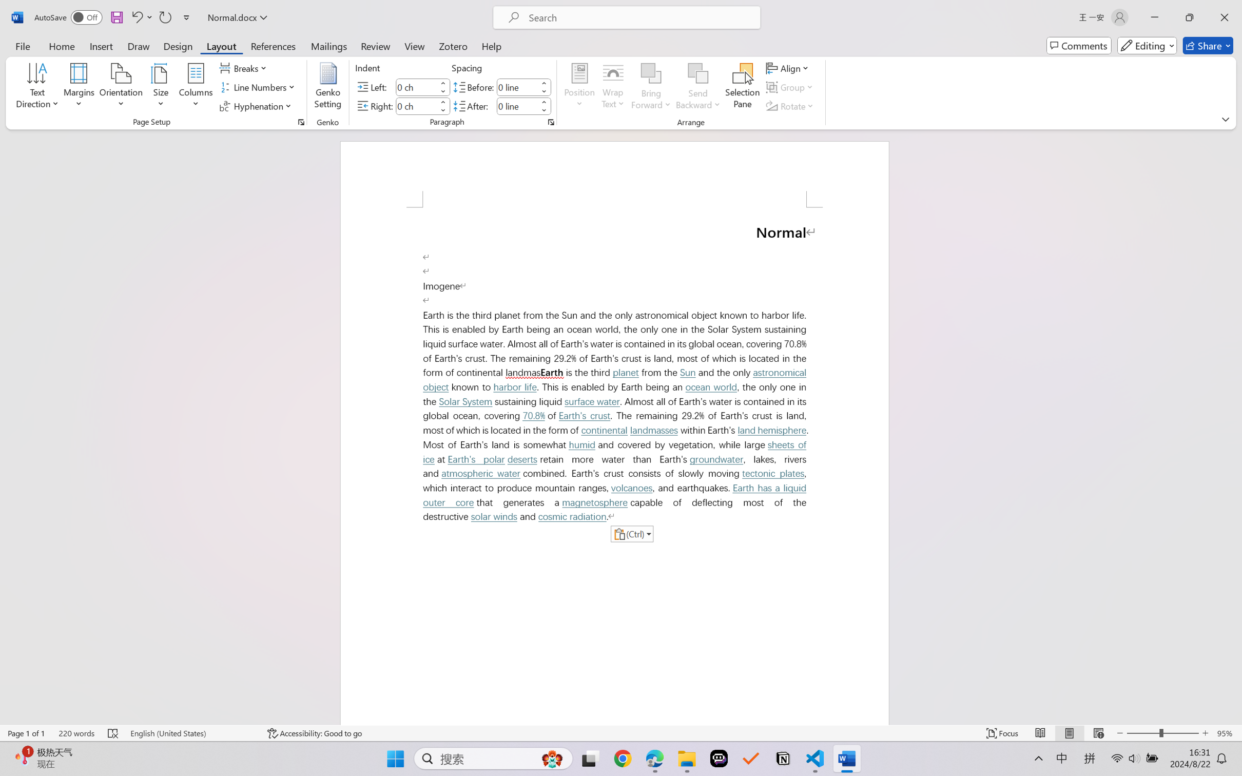 Image resolution: width=1242 pixels, height=776 pixels. What do you see at coordinates (515, 386) in the screenshot?
I see `'harbor life'` at bounding box center [515, 386].